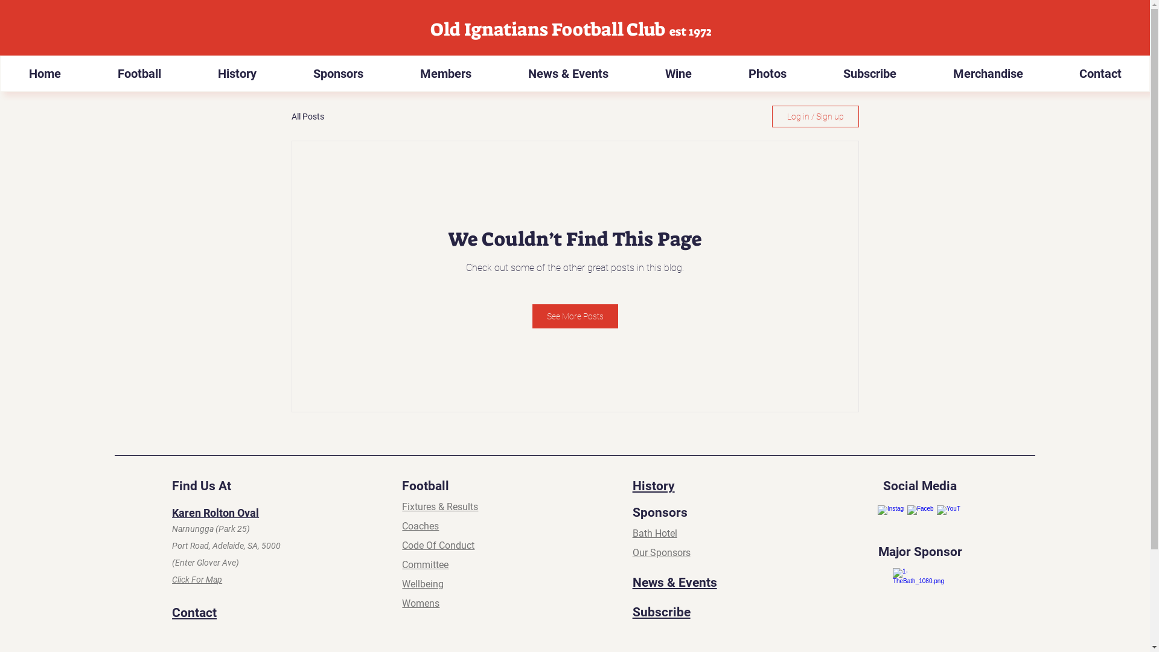  Describe the element at coordinates (237, 74) in the screenshot. I see `'History'` at that location.